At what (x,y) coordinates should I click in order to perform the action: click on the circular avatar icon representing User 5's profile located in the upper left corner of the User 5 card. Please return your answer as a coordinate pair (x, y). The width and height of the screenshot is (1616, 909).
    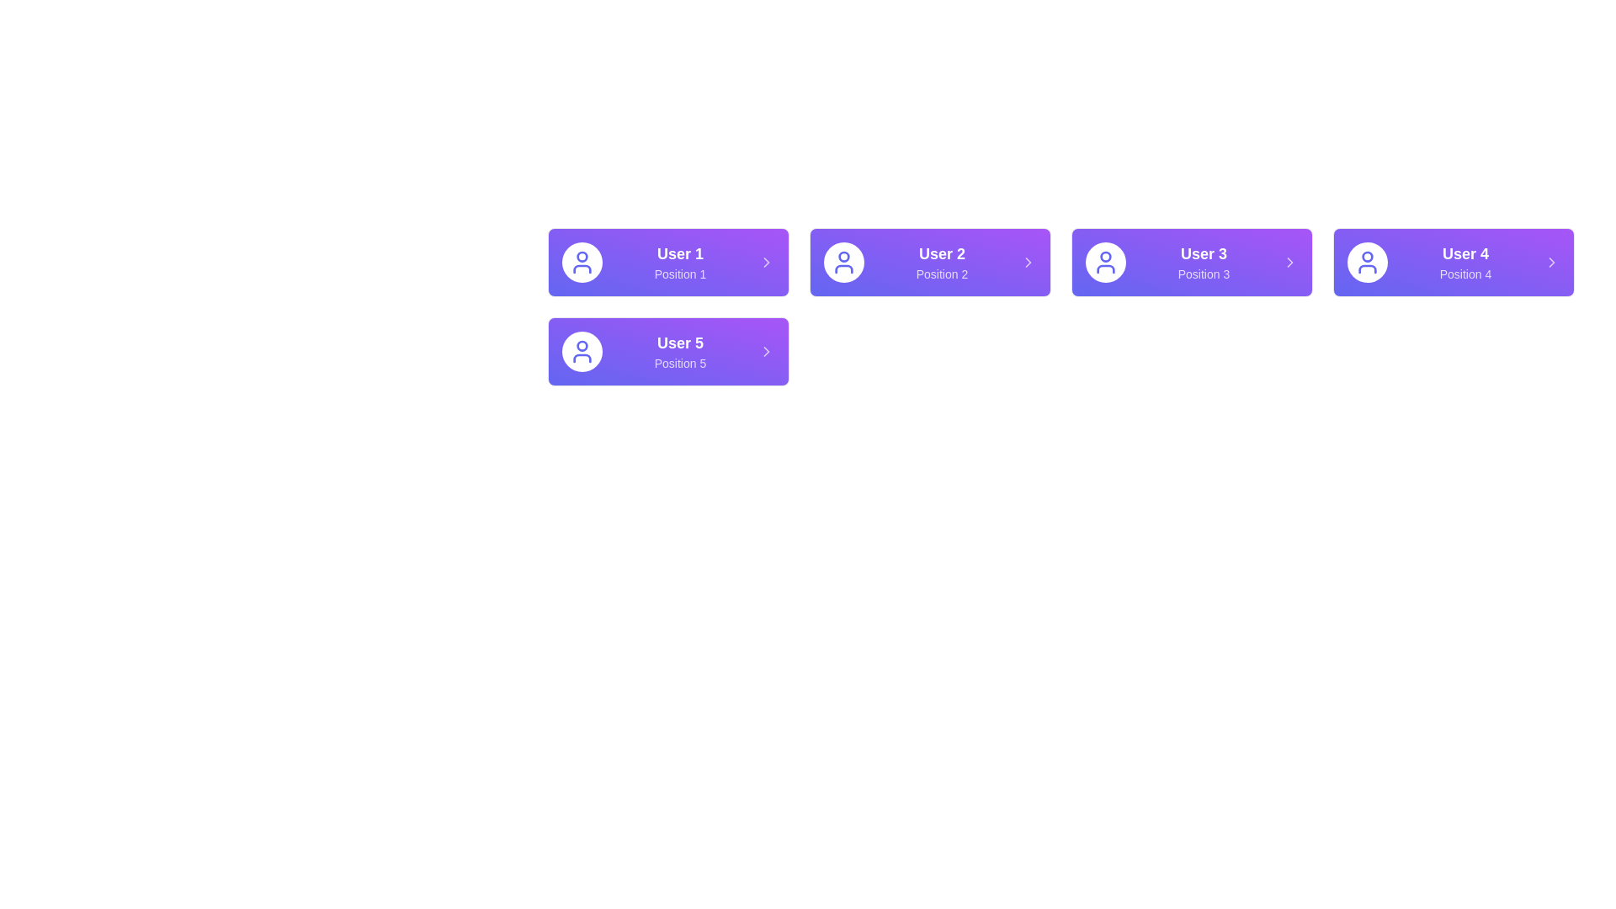
    Looking at the image, I should click on (582, 350).